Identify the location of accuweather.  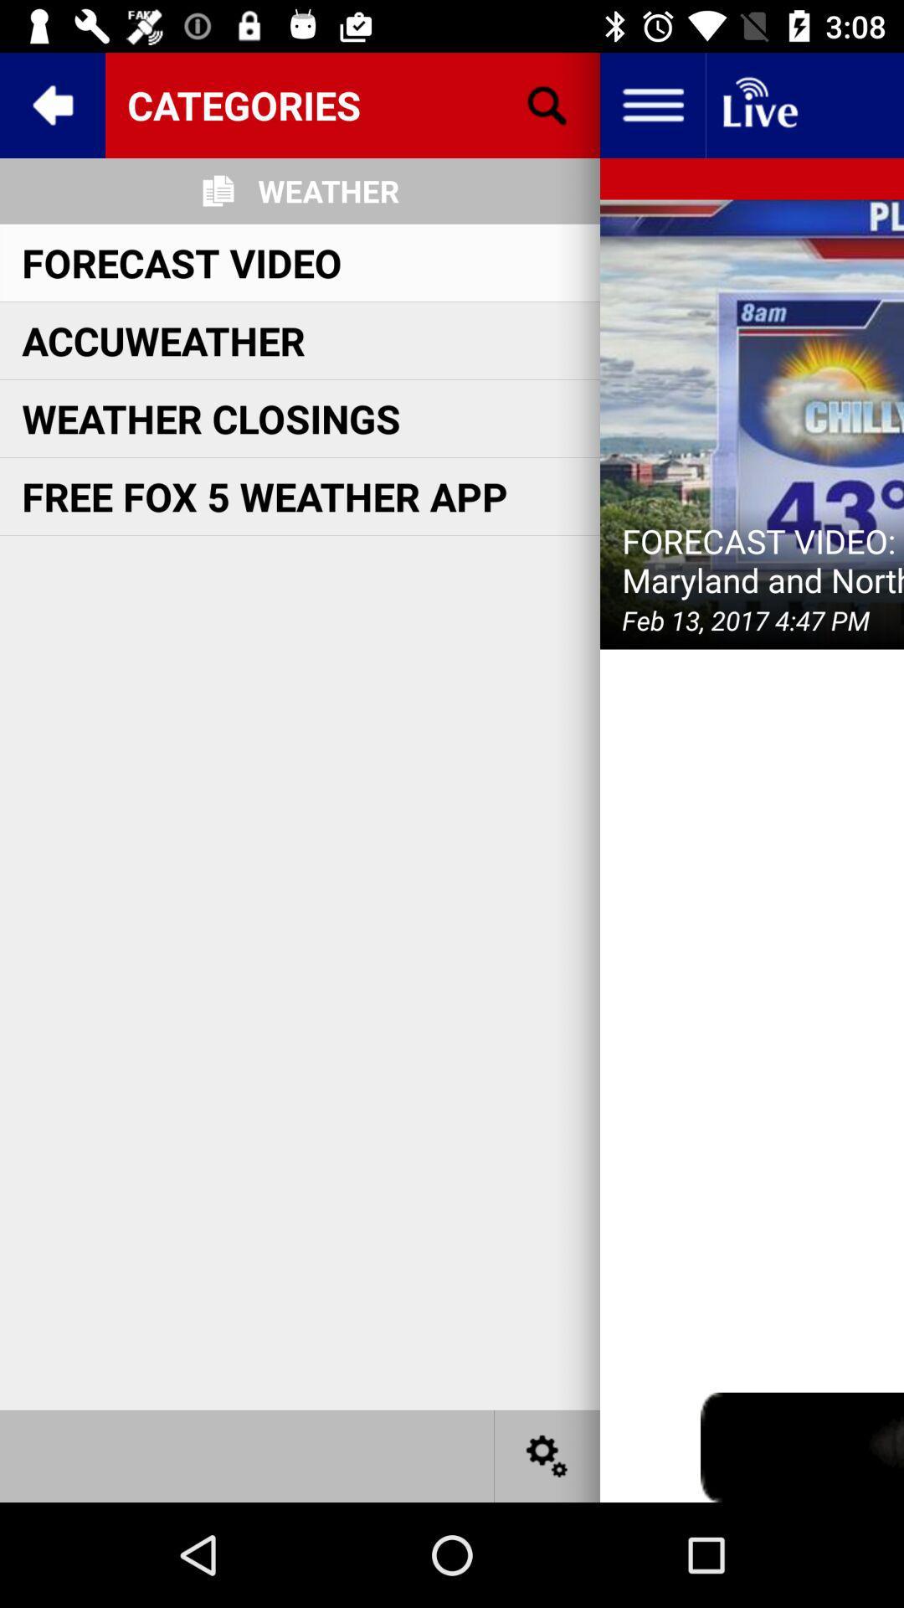
(163, 339).